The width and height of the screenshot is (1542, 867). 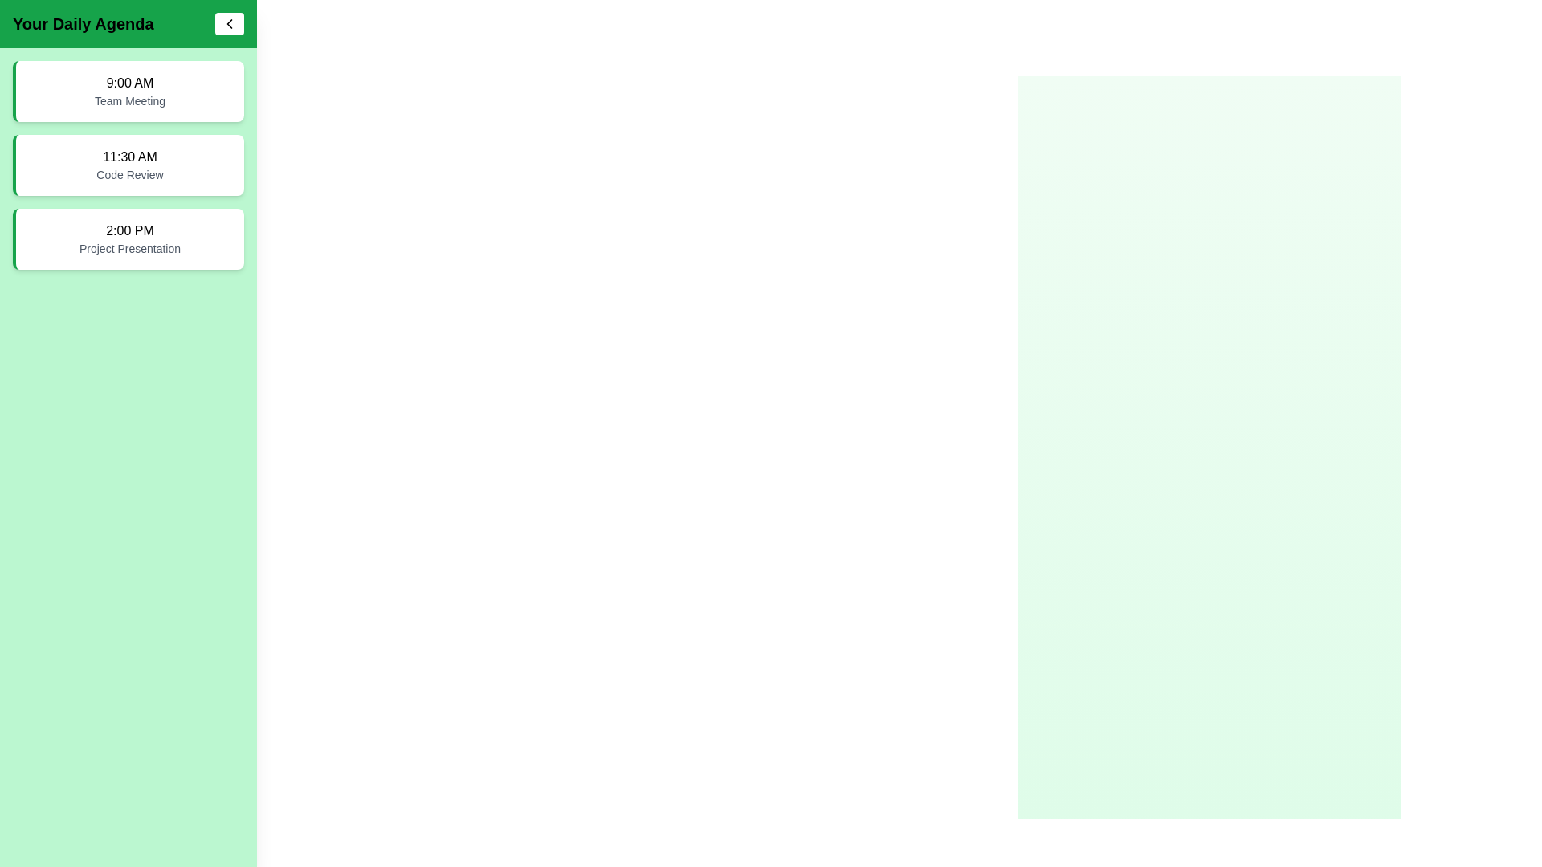 I want to click on the static text label reading 'Project Presentation' located beneath the time '2:00 PM' within a white card with a green accent line, so click(x=130, y=248).